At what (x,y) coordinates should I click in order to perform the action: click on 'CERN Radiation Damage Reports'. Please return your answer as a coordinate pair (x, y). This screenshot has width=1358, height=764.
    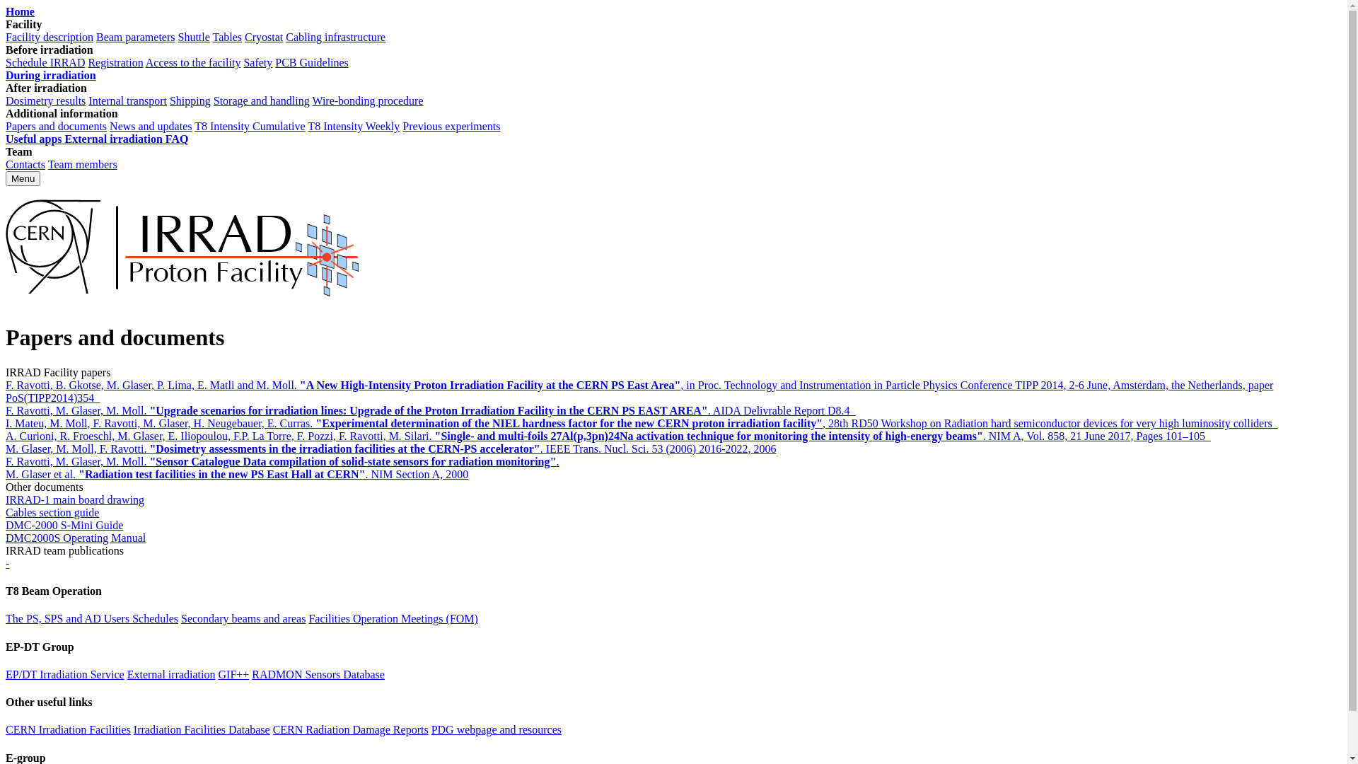
    Looking at the image, I should click on (272, 729).